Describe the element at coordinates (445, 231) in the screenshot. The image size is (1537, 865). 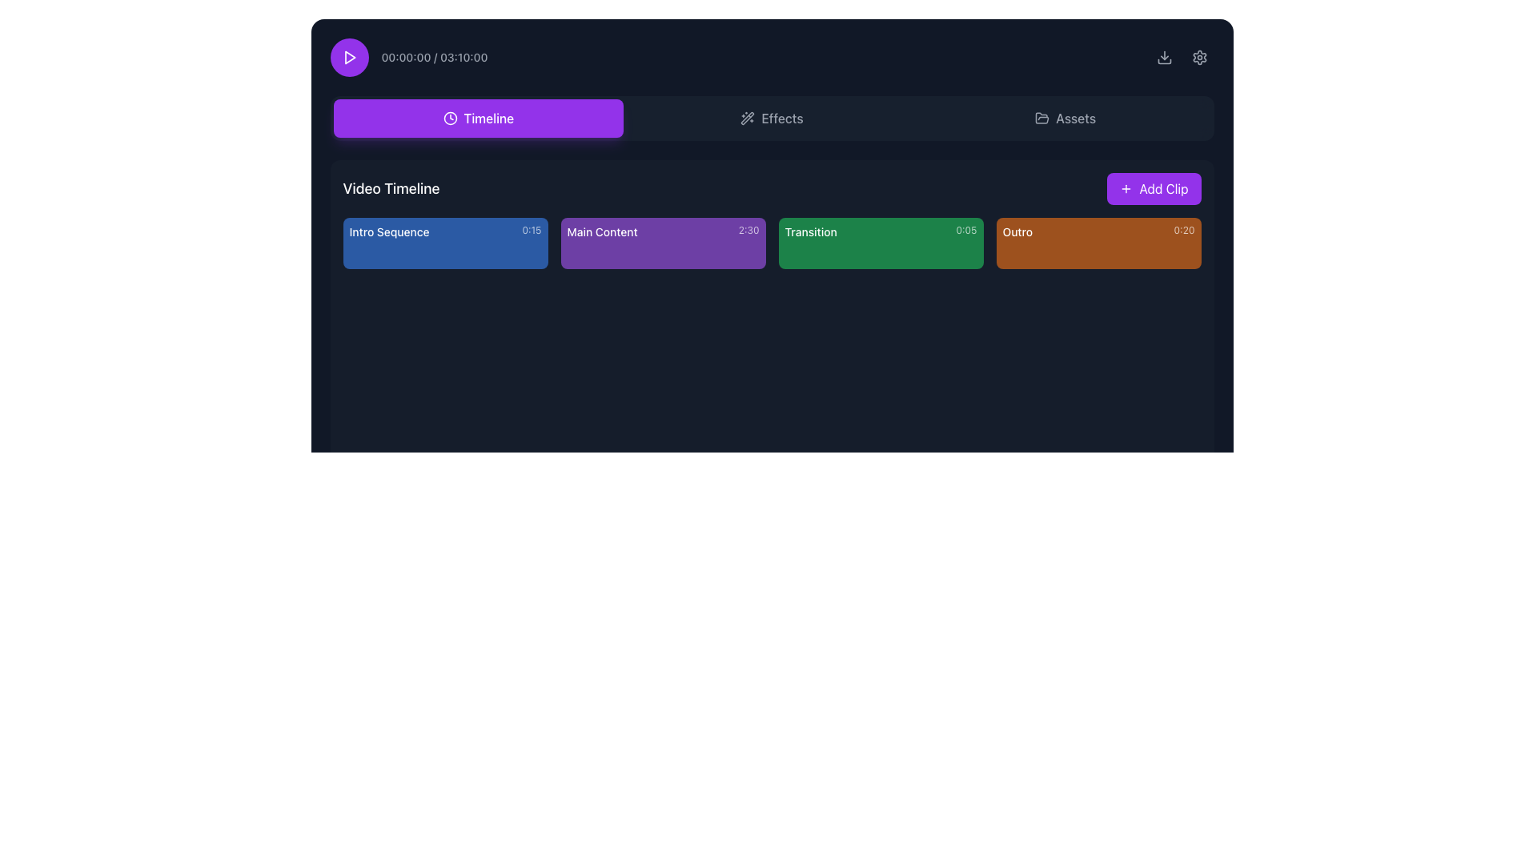
I see `the timeline item labeled 'Intro Sequence' with a blue background` at that location.